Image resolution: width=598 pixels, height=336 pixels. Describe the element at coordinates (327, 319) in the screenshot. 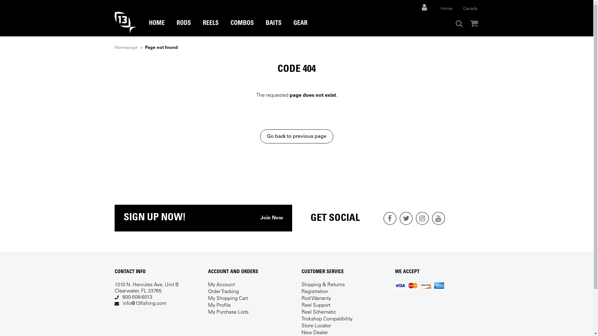

I see `'Trickshop Compatibility'` at that location.